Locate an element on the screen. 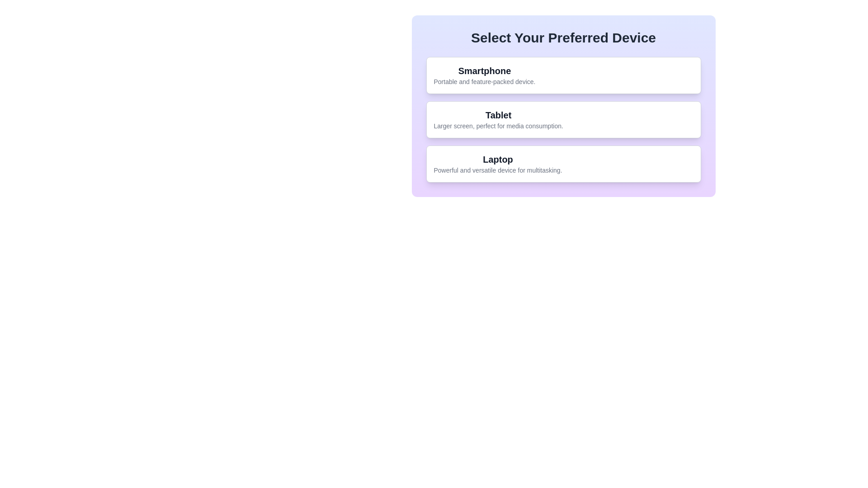 This screenshot has height=488, width=868. the Information Card for the Laptop category, which is the third option in the vertical list under 'Select Your Preferred Device' is located at coordinates (563, 164).